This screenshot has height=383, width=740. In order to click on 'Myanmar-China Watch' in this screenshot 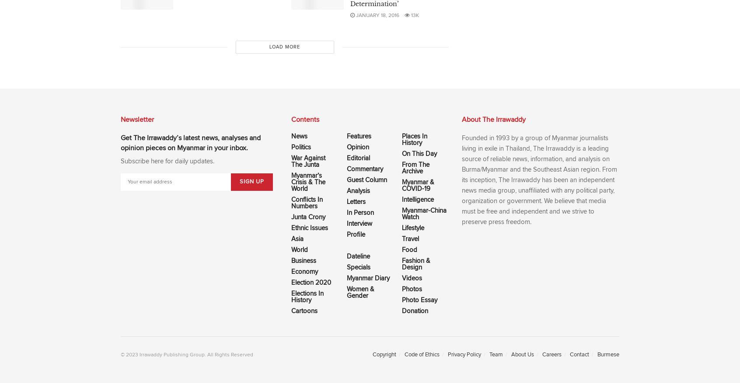, I will do `click(424, 213)`.